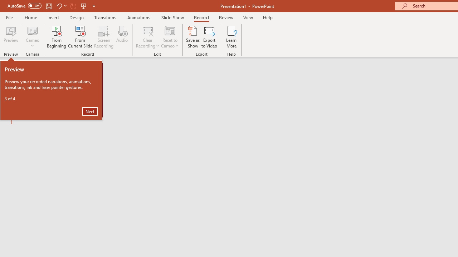 This screenshot has height=257, width=458. What do you see at coordinates (193, 37) in the screenshot?
I see `'Save as Show'` at bounding box center [193, 37].